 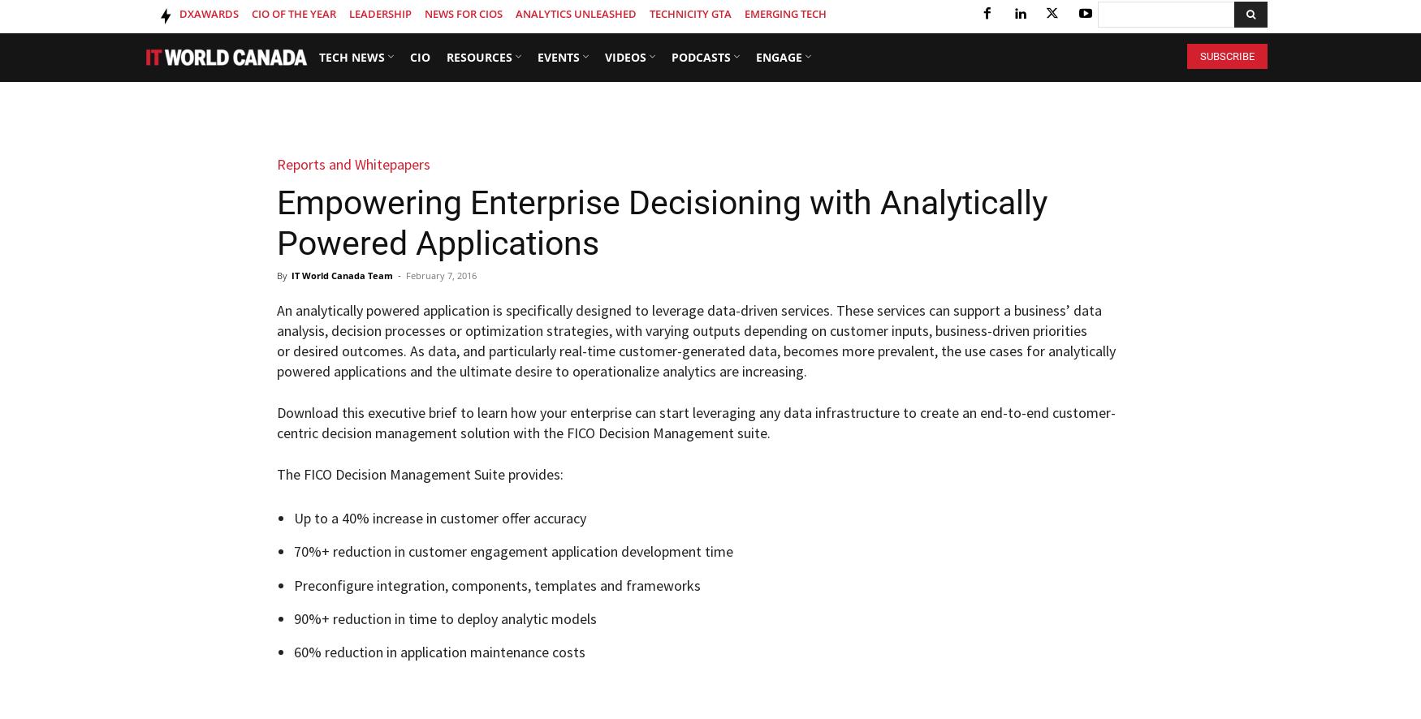 I want to click on 'Tech News', so click(x=351, y=56).